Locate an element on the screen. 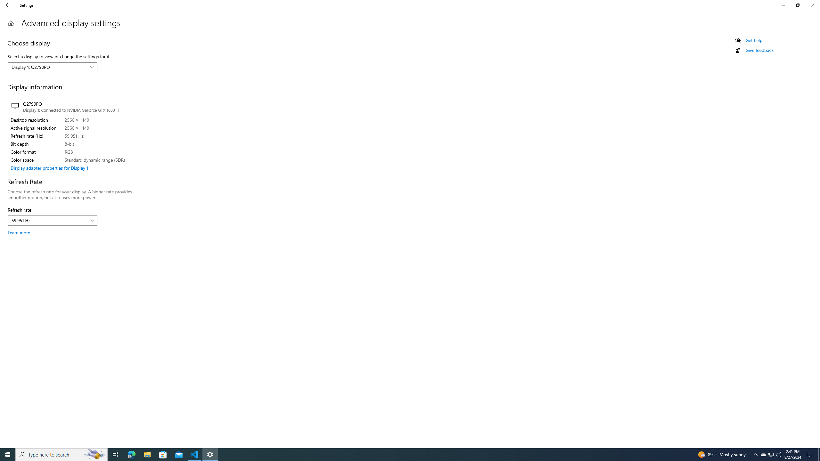  '59.951 Hz' is located at coordinates (49, 221).